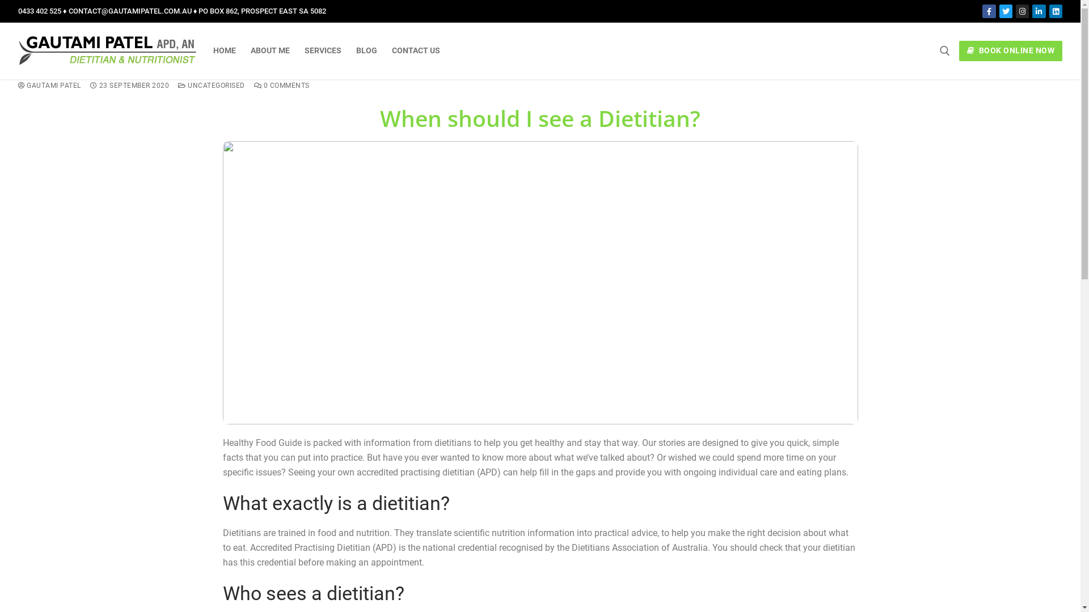 The image size is (1089, 612). Describe the element at coordinates (366, 50) in the screenshot. I see `'BLOG'` at that location.